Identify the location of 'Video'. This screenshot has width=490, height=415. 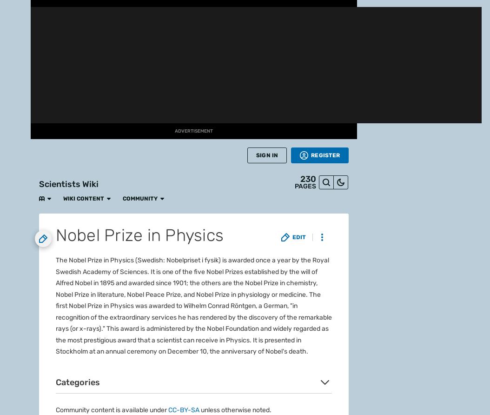
(15, 266).